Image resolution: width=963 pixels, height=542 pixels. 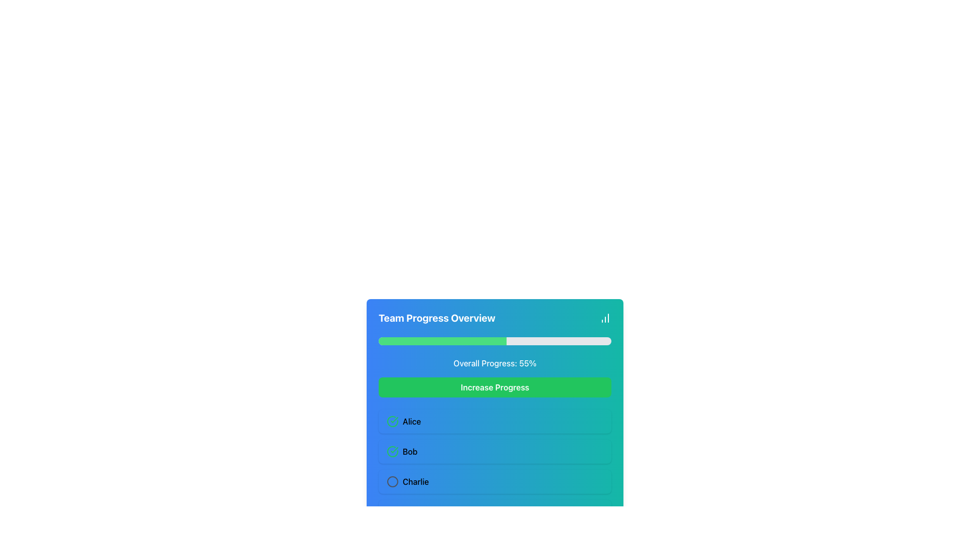 I want to click on the circular icon indicating status or completion, which has a green outline and a checkmark, so click(x=392, y=451).